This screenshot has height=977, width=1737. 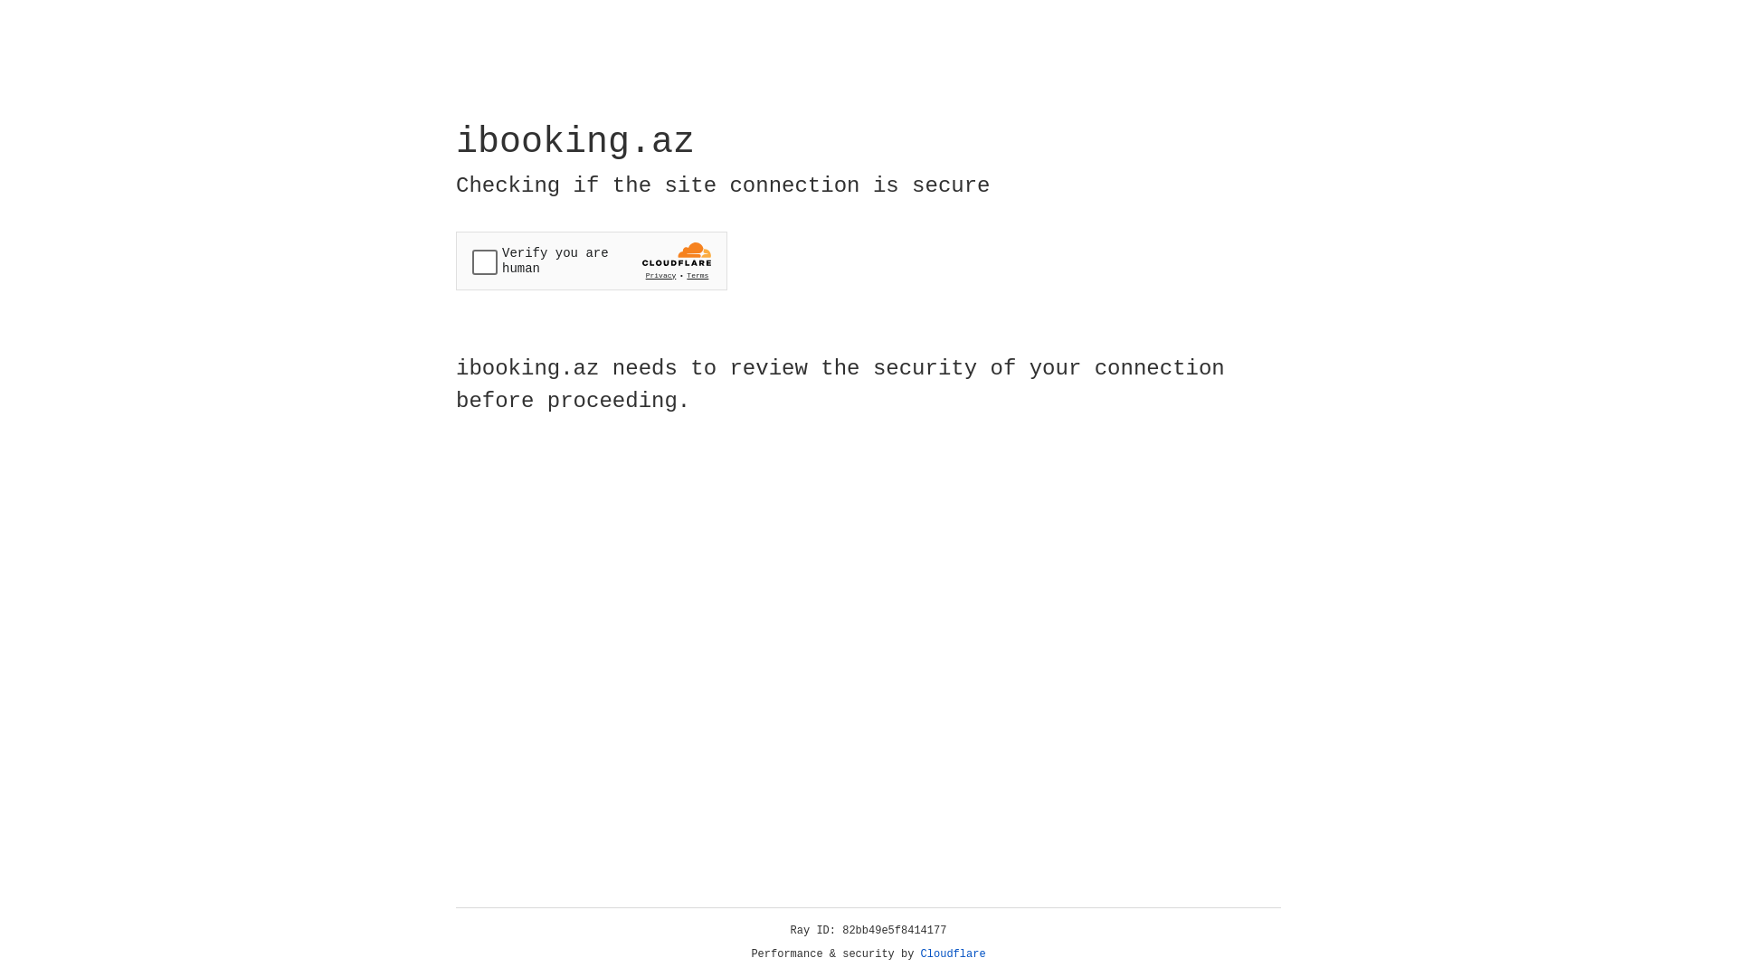 I want to click on 'Cloudflare', so click(x=953, y=953).